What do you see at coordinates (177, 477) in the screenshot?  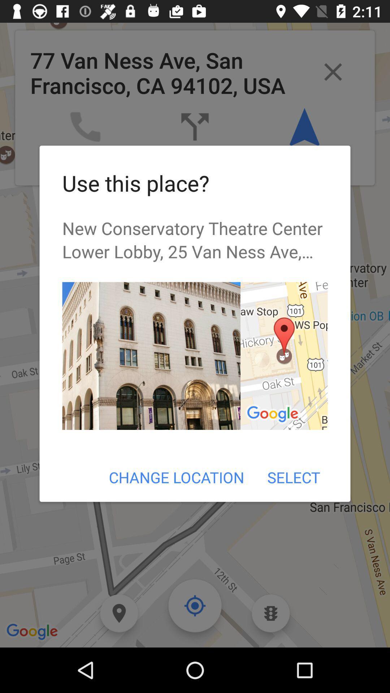 I see `item next to the select item` at bounding box center [177, 477].